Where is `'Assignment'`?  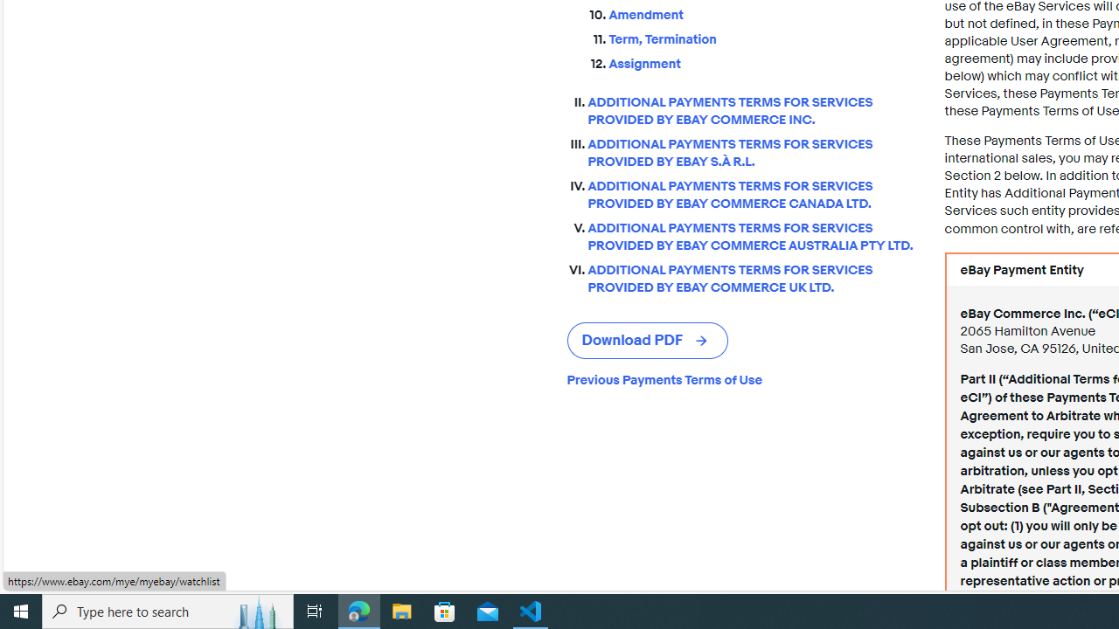 'Assignment' is located at coordinates (762, 59).